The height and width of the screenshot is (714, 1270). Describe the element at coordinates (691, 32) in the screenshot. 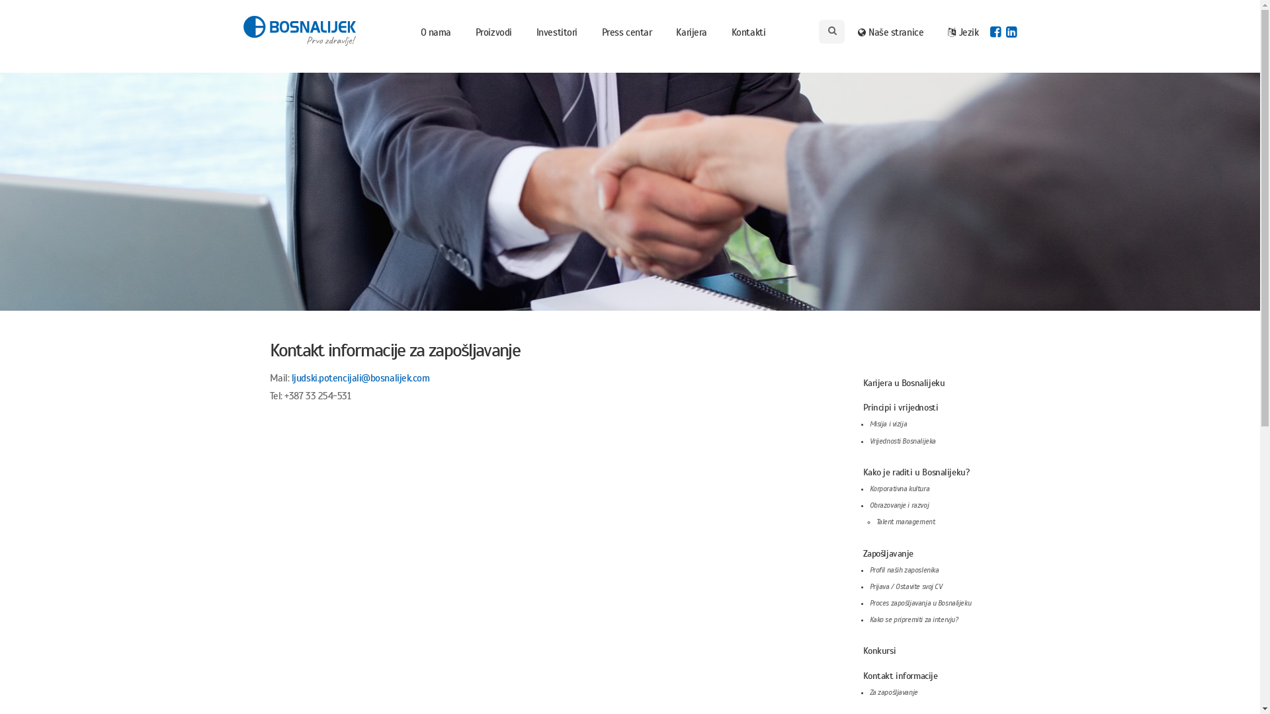

I see `'Karijera'` at that location.